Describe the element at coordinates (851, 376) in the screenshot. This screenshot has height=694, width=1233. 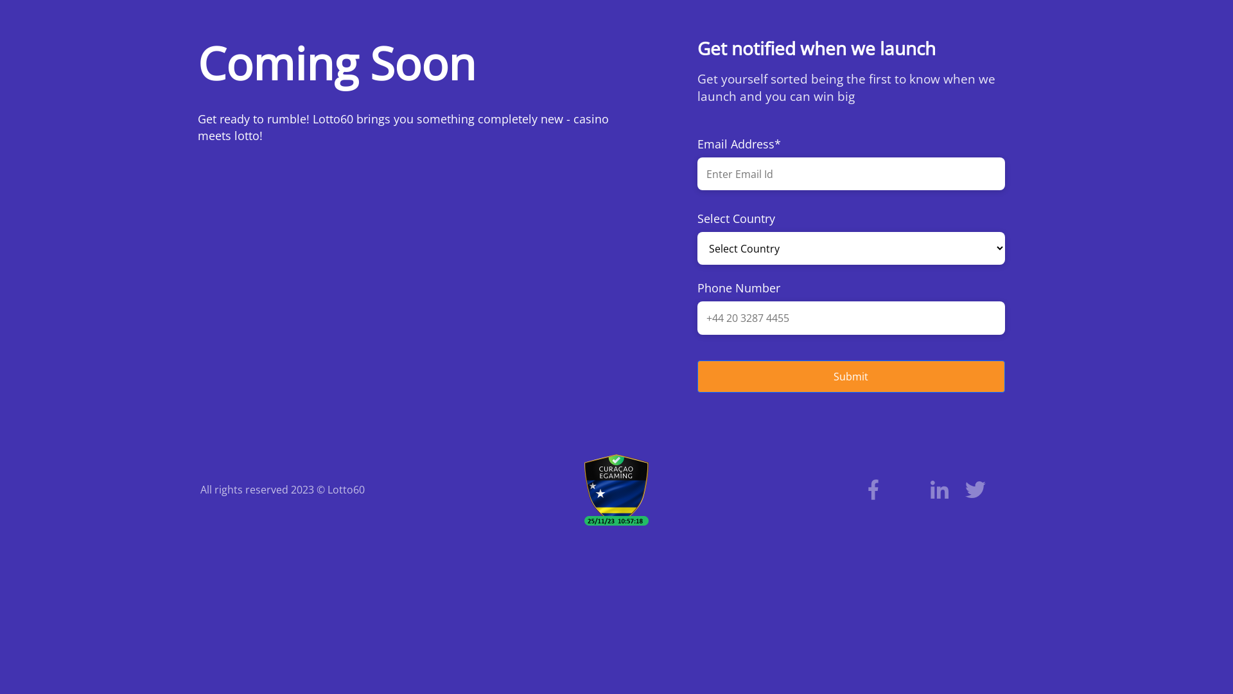
I see `'Submit'` at that location.